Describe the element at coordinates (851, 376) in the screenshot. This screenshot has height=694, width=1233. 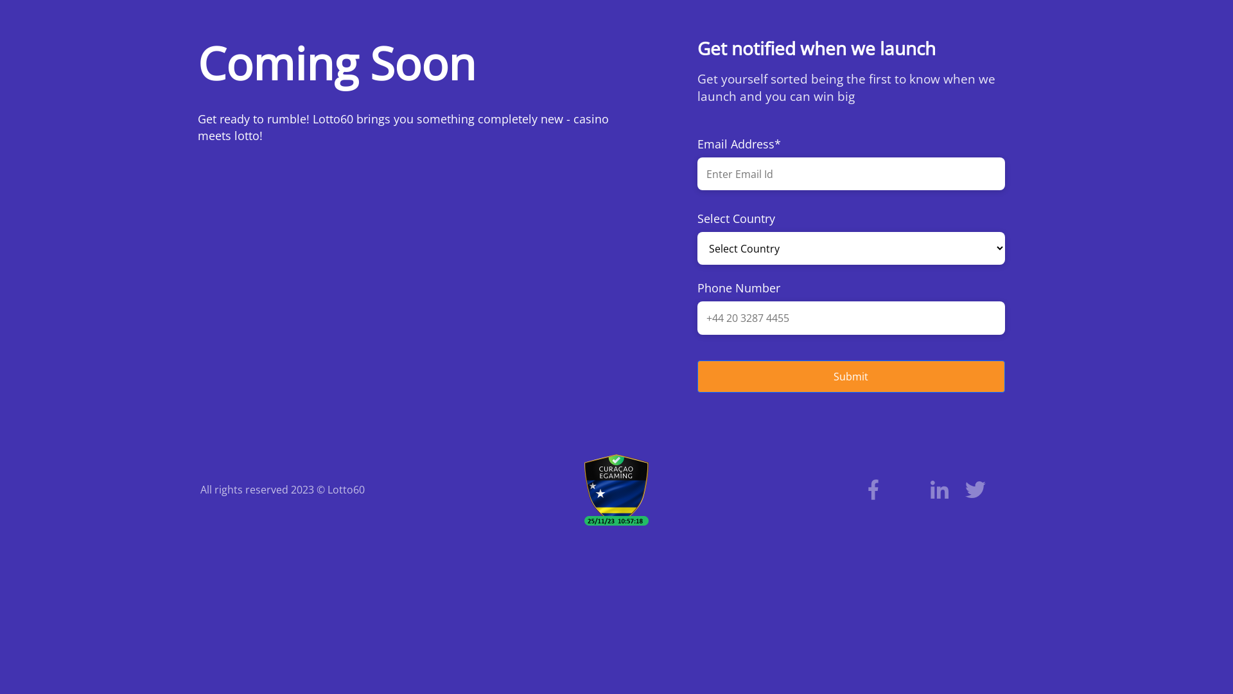
I see `'Submit'` at that location.